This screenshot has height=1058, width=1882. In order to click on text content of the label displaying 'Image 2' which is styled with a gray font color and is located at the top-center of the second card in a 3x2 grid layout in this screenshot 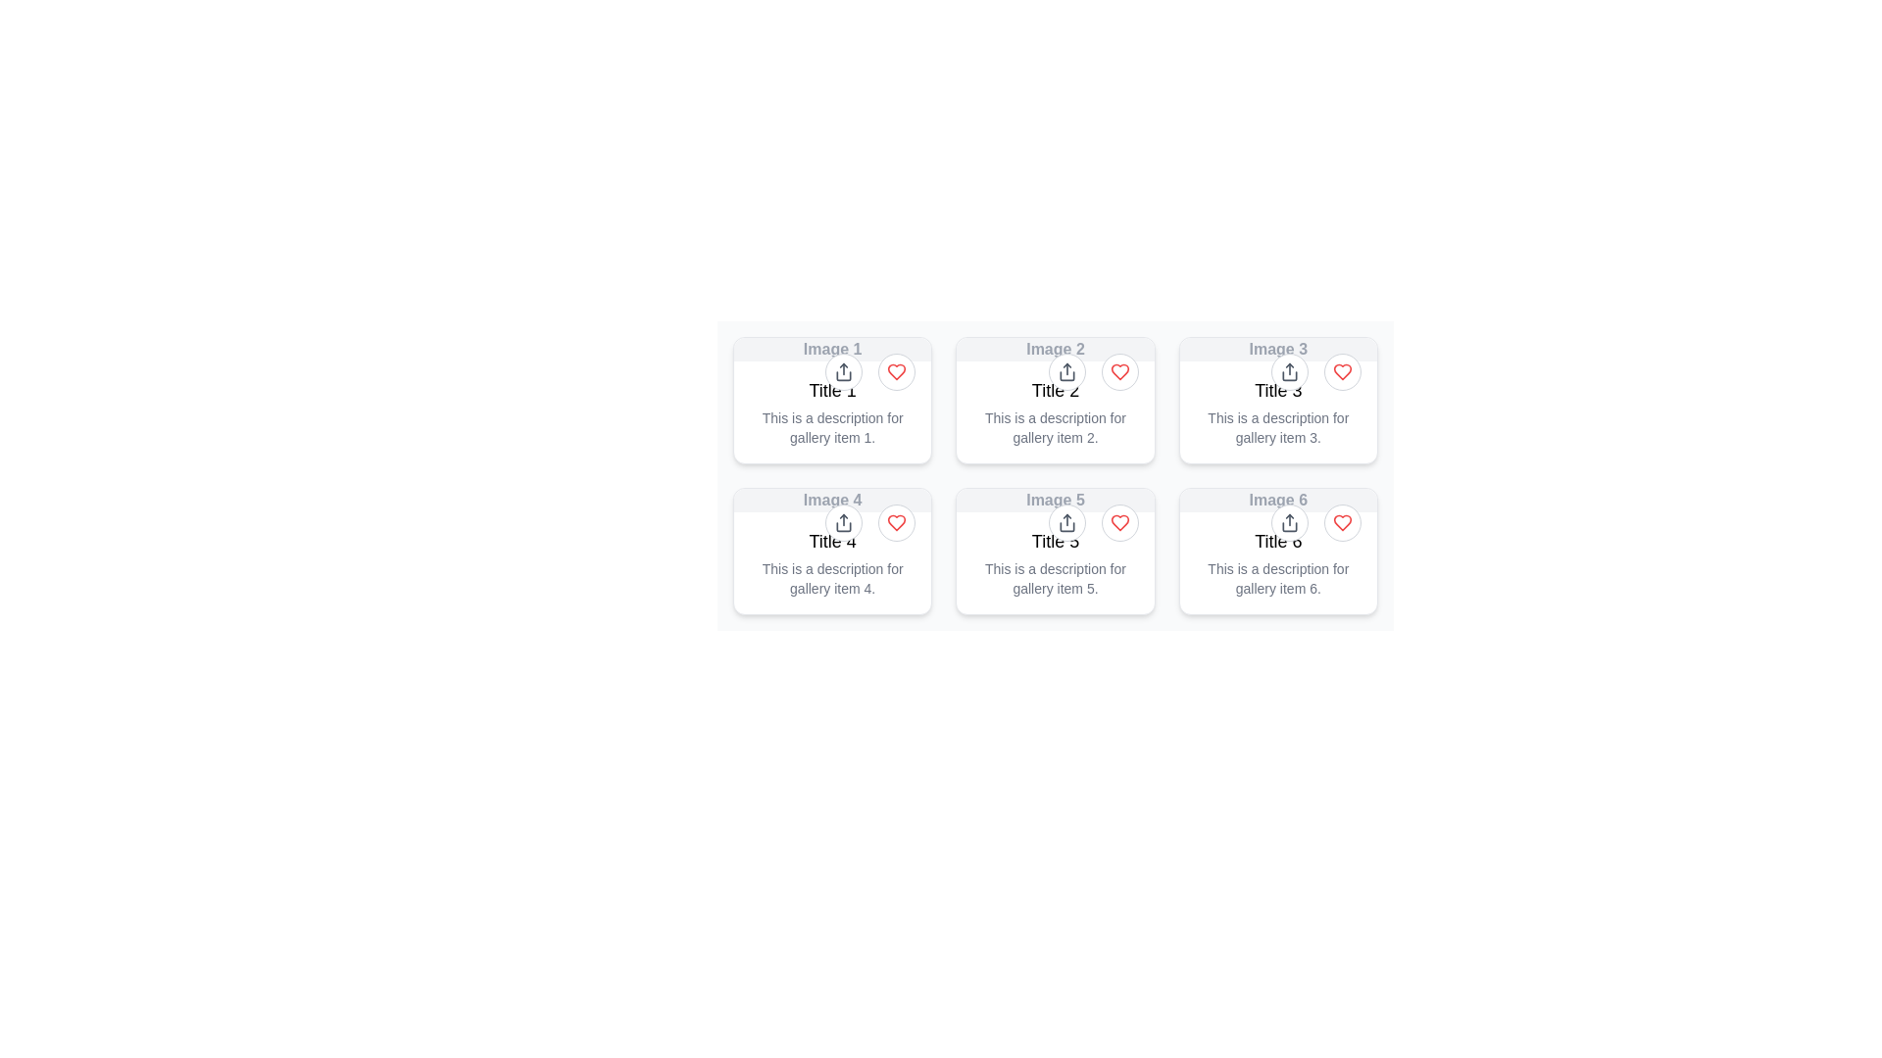, I will do `click(1054, 349)`.